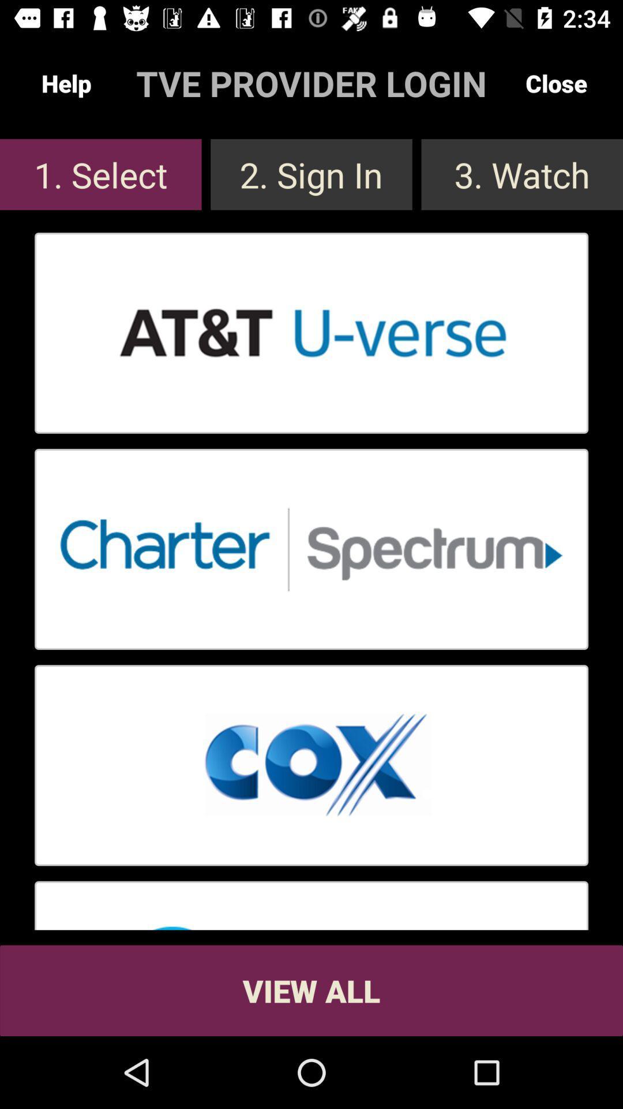 This screenshot has width=623, height=1109. What do you see at coordinates (311, 990) in the screenshot?
I see `view all button` at bounding box center [311, 990].